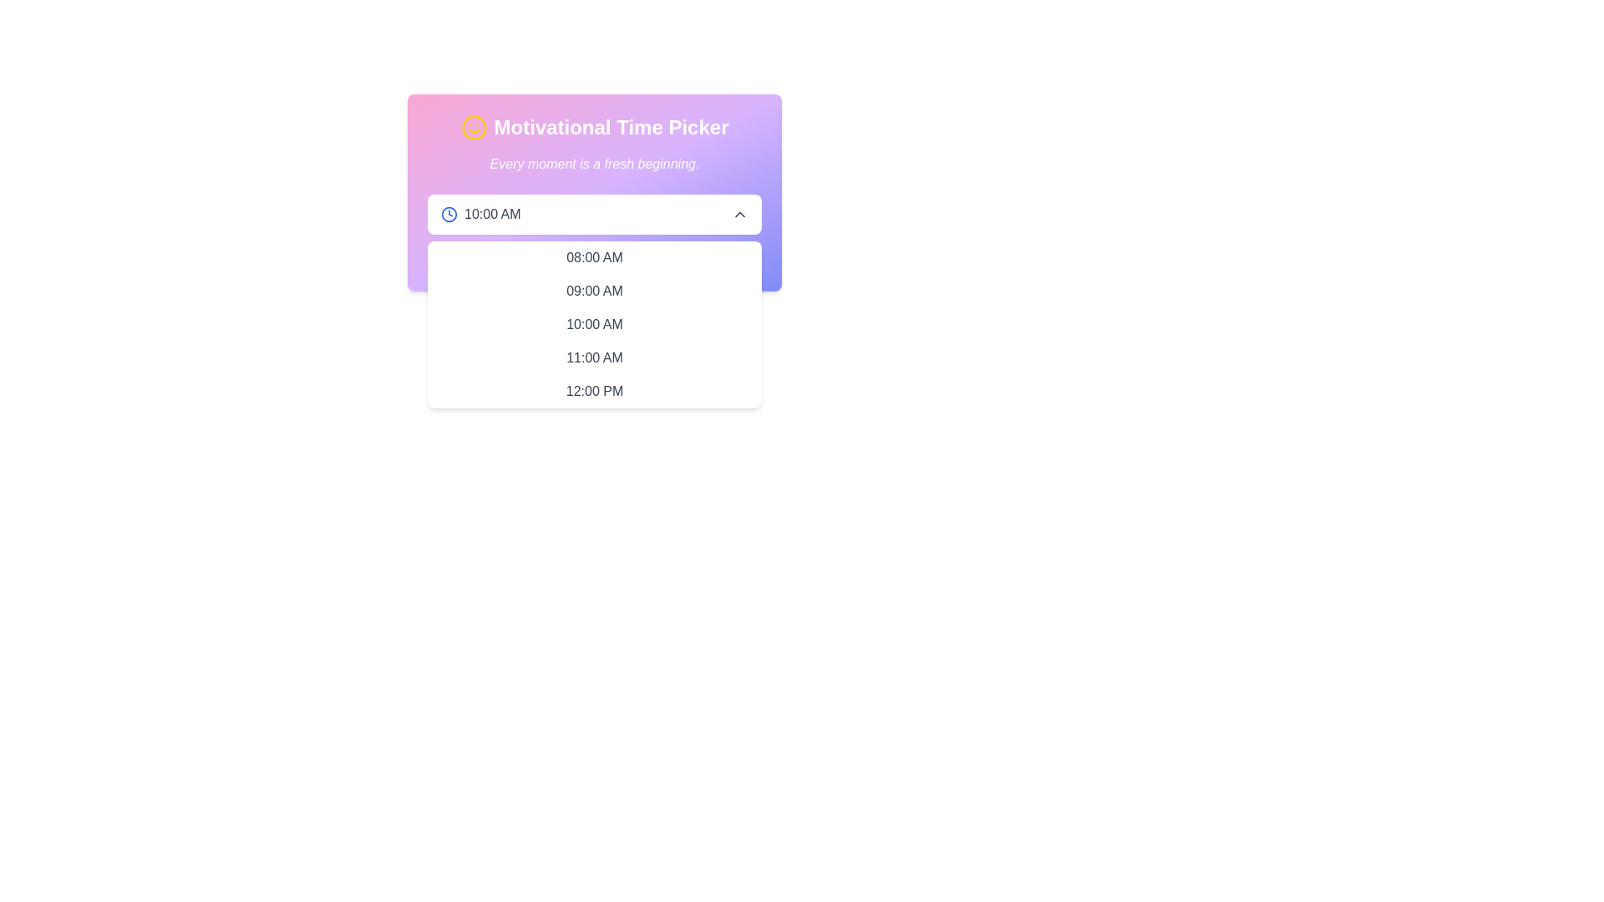  What do you see at coordinates (449, 214) in the screenshot?
I see `the time selection icon located at the start of the time input field adjacent to '10:00 AM' to provide visual guidance` at bounding box center [449, 214].